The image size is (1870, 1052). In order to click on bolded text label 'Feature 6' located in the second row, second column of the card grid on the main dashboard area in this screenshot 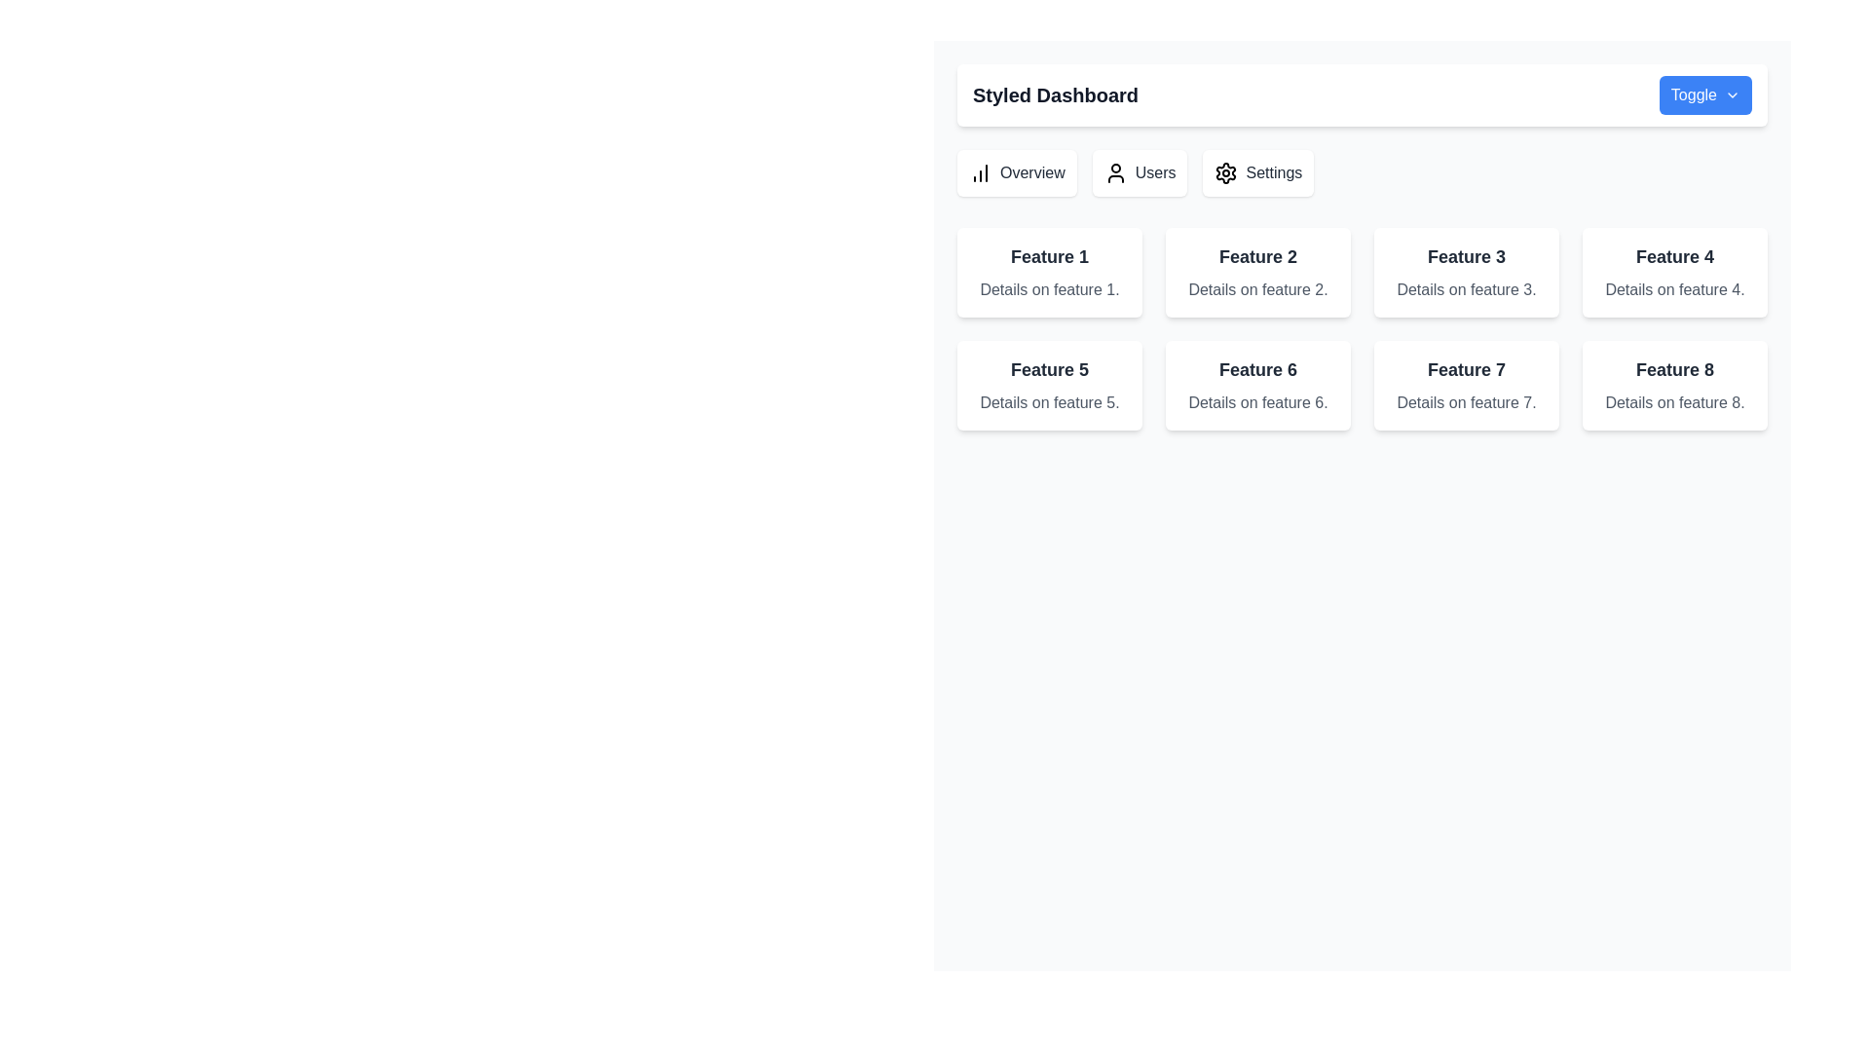, I will do `click(1257, 370)`.